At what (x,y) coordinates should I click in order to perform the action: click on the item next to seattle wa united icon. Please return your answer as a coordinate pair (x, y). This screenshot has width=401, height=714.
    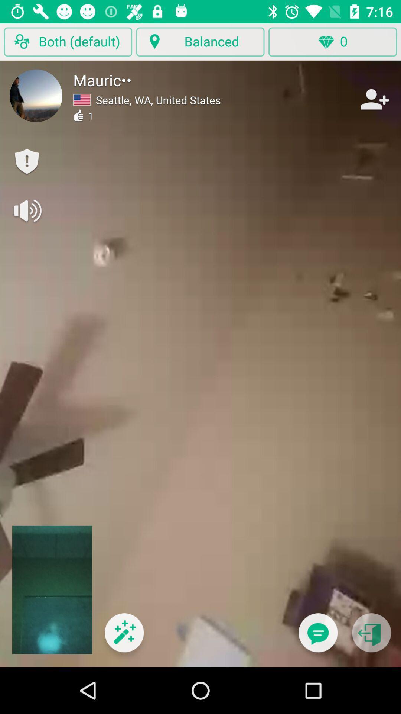
    Looking at the image, I should click on (374, 99).